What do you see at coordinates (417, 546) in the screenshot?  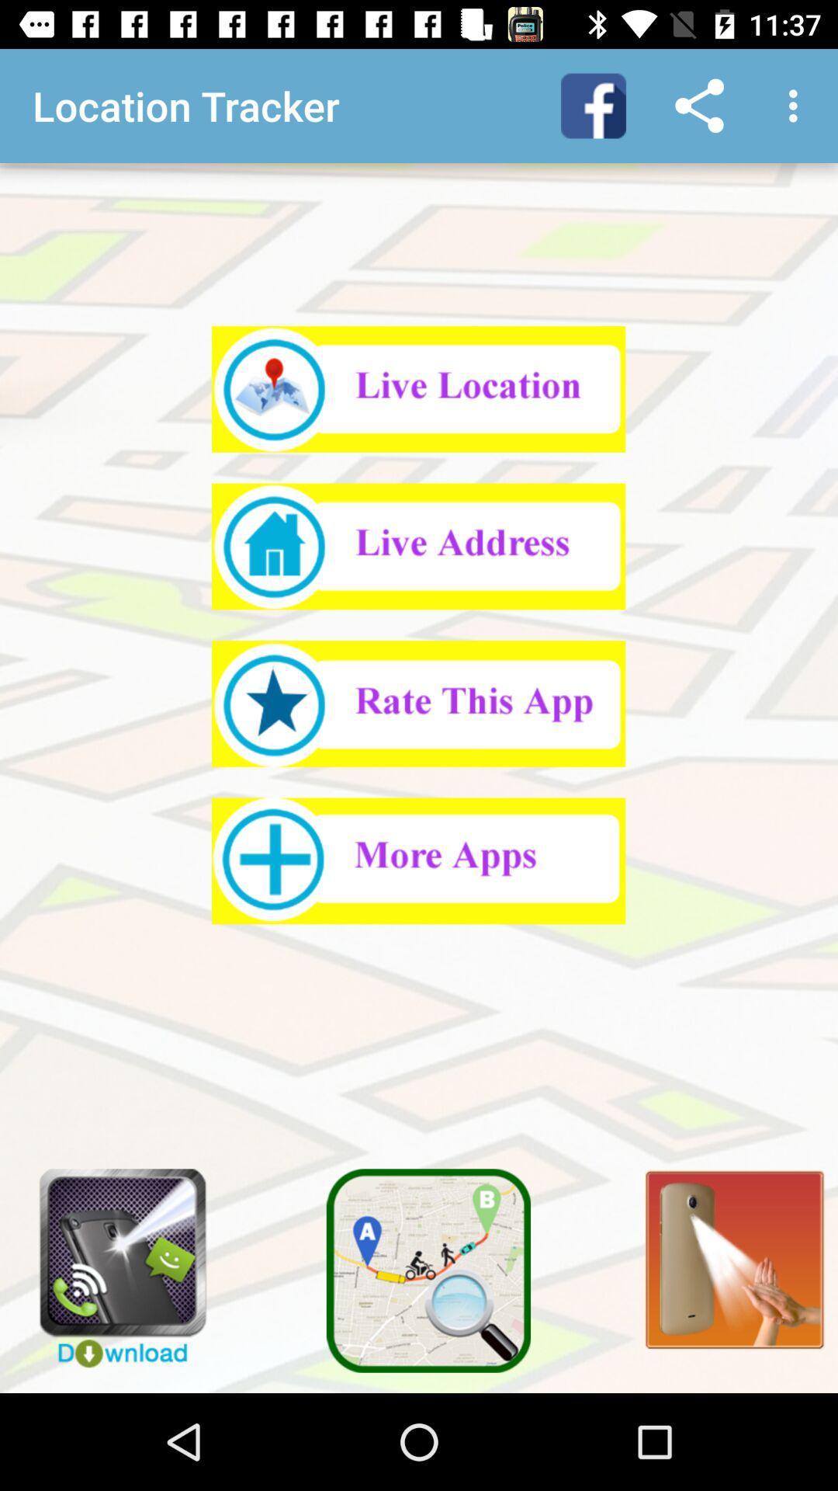 I see `choose a location tracker` at bounding box center [417, 546].